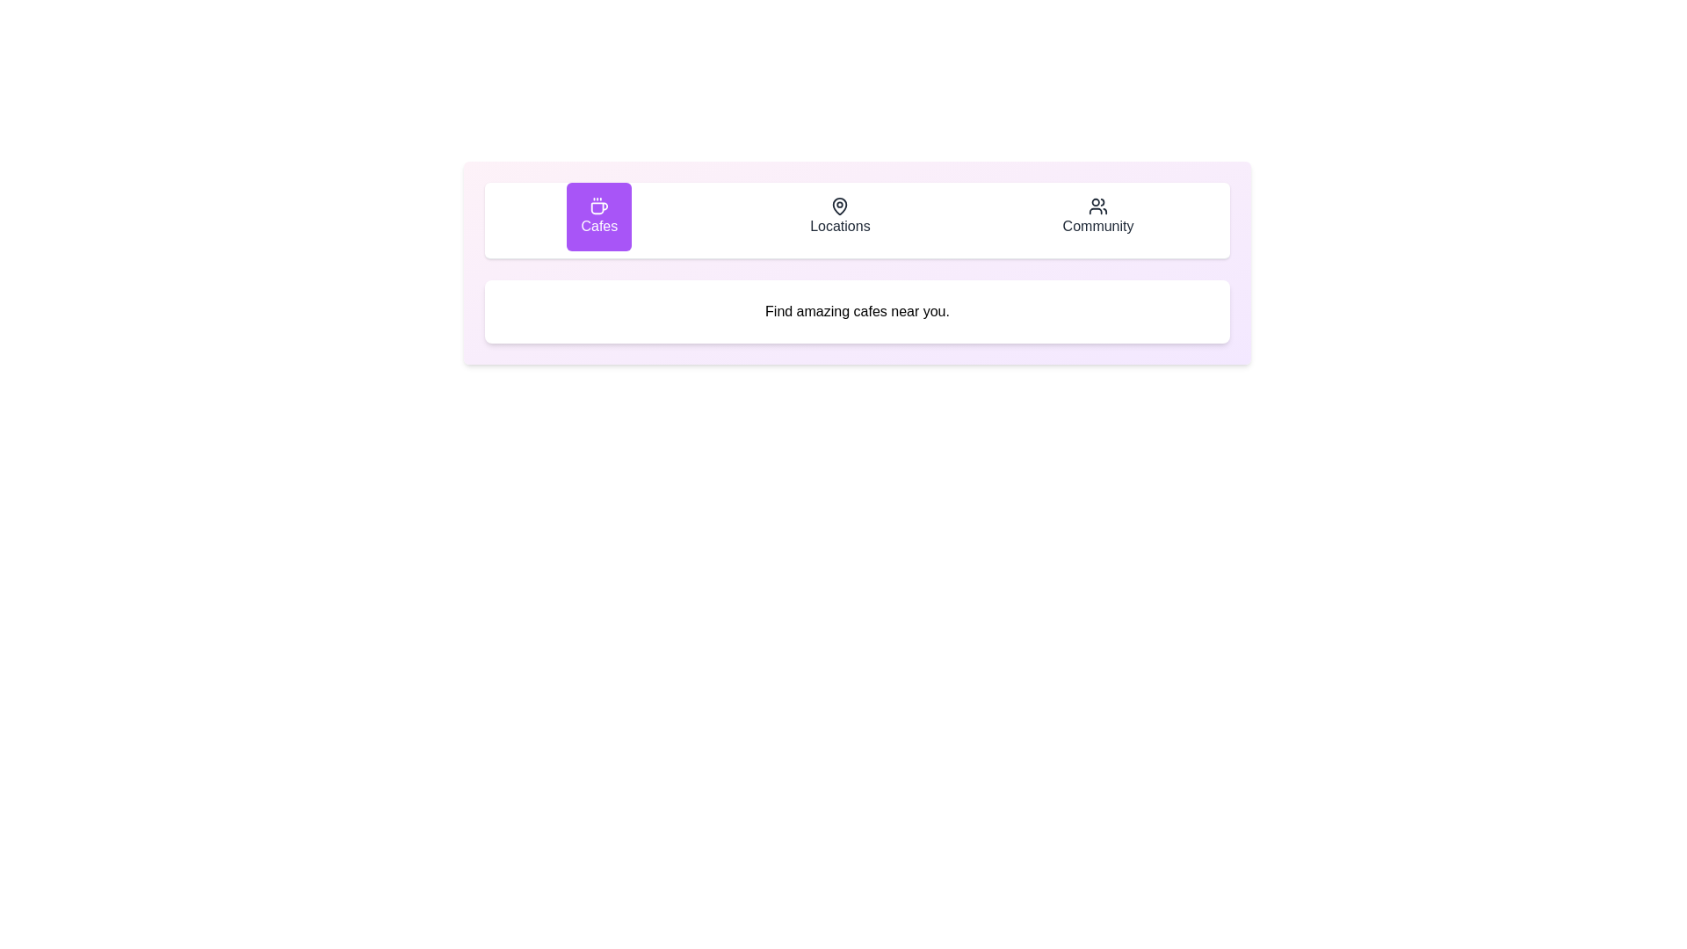  Describe the element at coordinates (599, 226) in the screenshot. I see `the text label reading 'Cafes' which is styled with a white font and positioned centrally within a purple button-like rectangle with rounded corners` at that location.